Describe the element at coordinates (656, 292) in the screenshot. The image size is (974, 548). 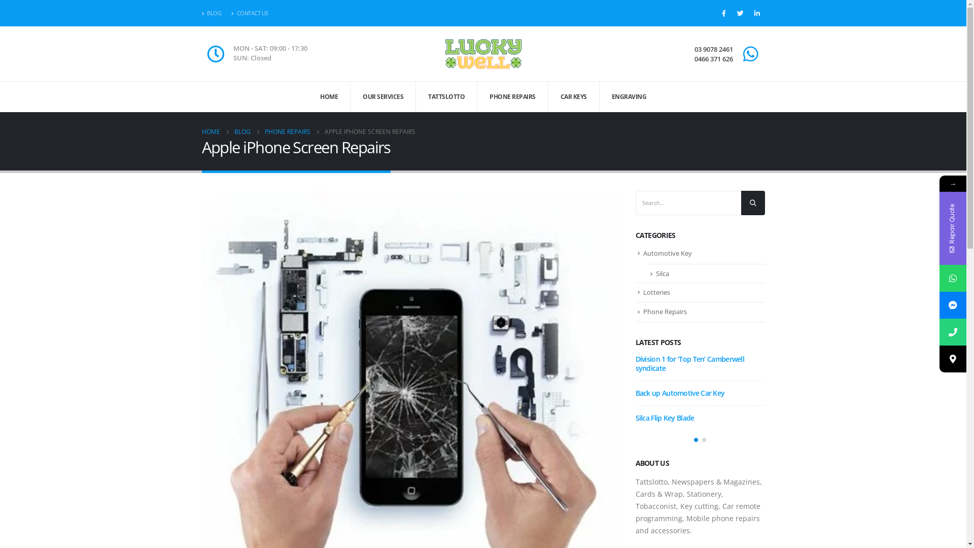
I see `'Lotteries'` at that location.